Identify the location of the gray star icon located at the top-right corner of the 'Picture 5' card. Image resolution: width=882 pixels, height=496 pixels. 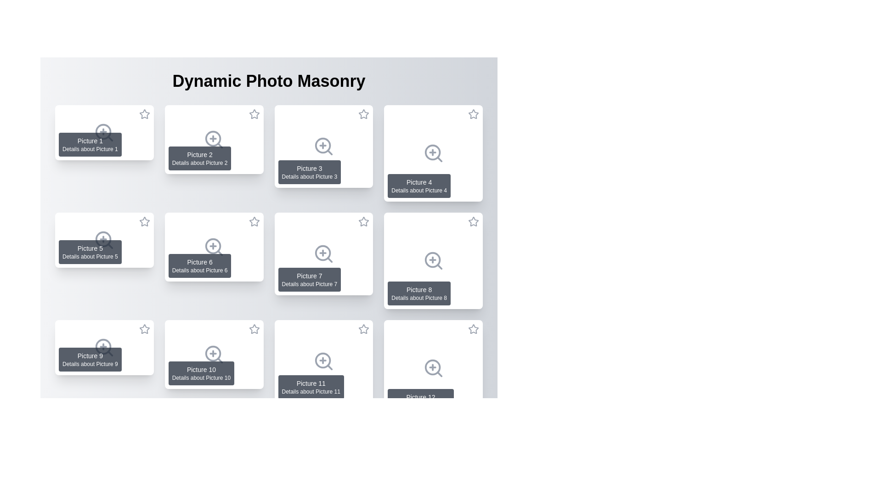
(144, 221).